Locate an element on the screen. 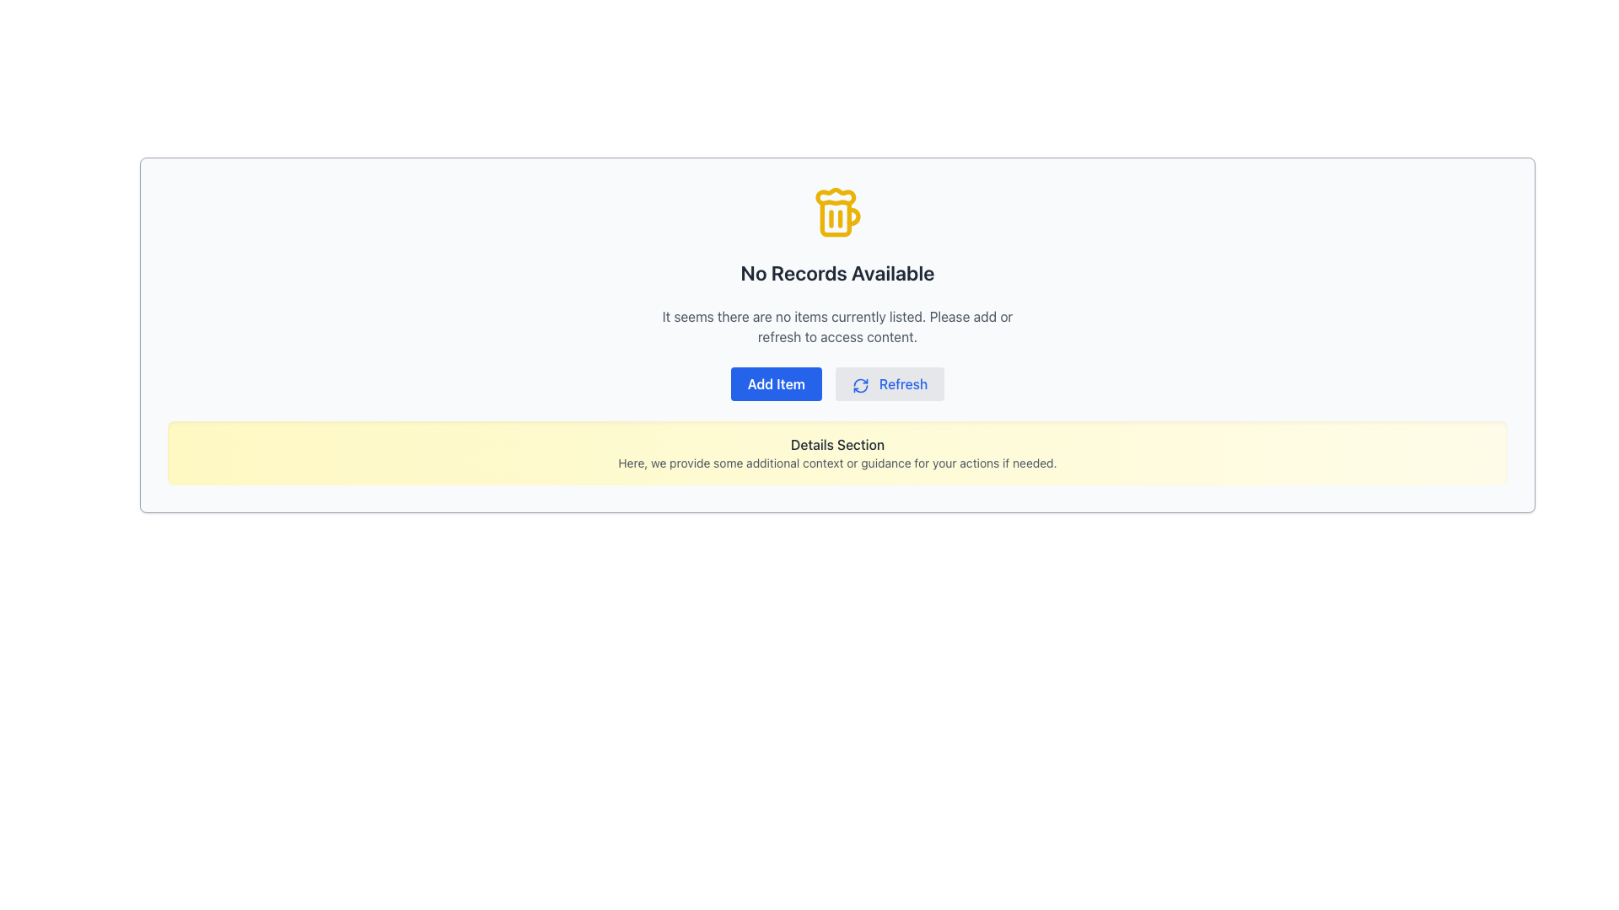  the inner vertical details of the beer icon located at the top center of the interface is located at coordinates (835, 217).